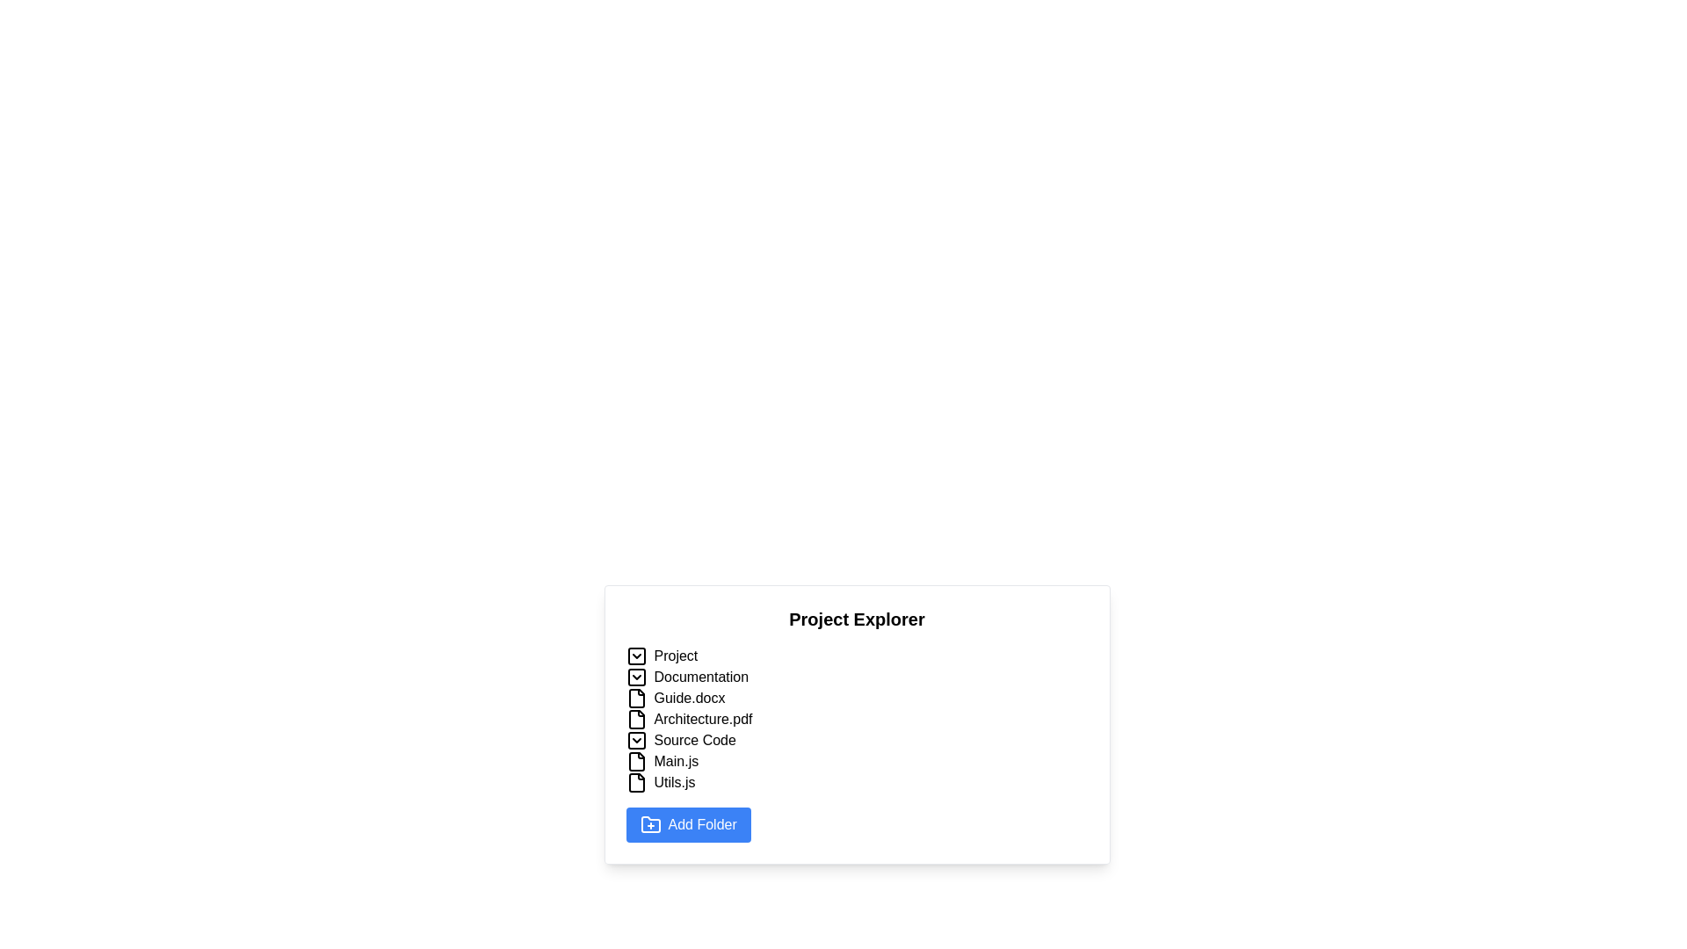 Image resolution: width=1687 pixels, height=949 pixels. What do you see at coordinates (703, 719) in the screenshot?
I see `on the text label displaying 'Architecture.pdf'` at bounding box center [703, 719].